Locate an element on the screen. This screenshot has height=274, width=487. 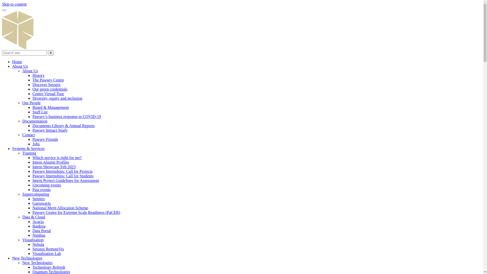
'About Us' is located at coordinates (12, 66).